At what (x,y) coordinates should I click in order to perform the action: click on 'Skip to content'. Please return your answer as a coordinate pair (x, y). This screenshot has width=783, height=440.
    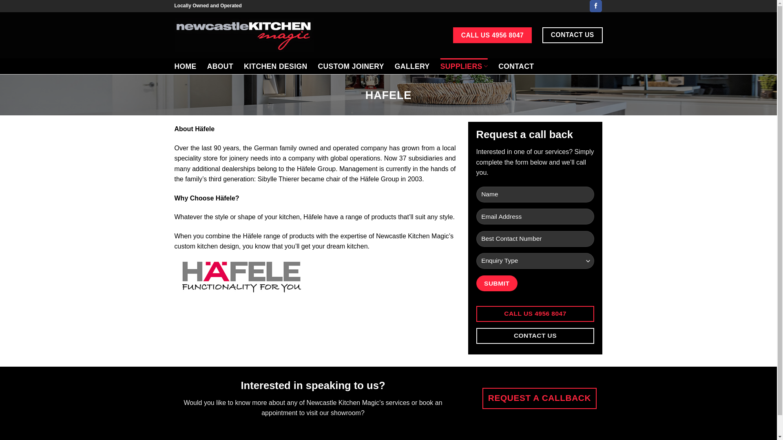
    Looking at the image, I should click on (0, 0).